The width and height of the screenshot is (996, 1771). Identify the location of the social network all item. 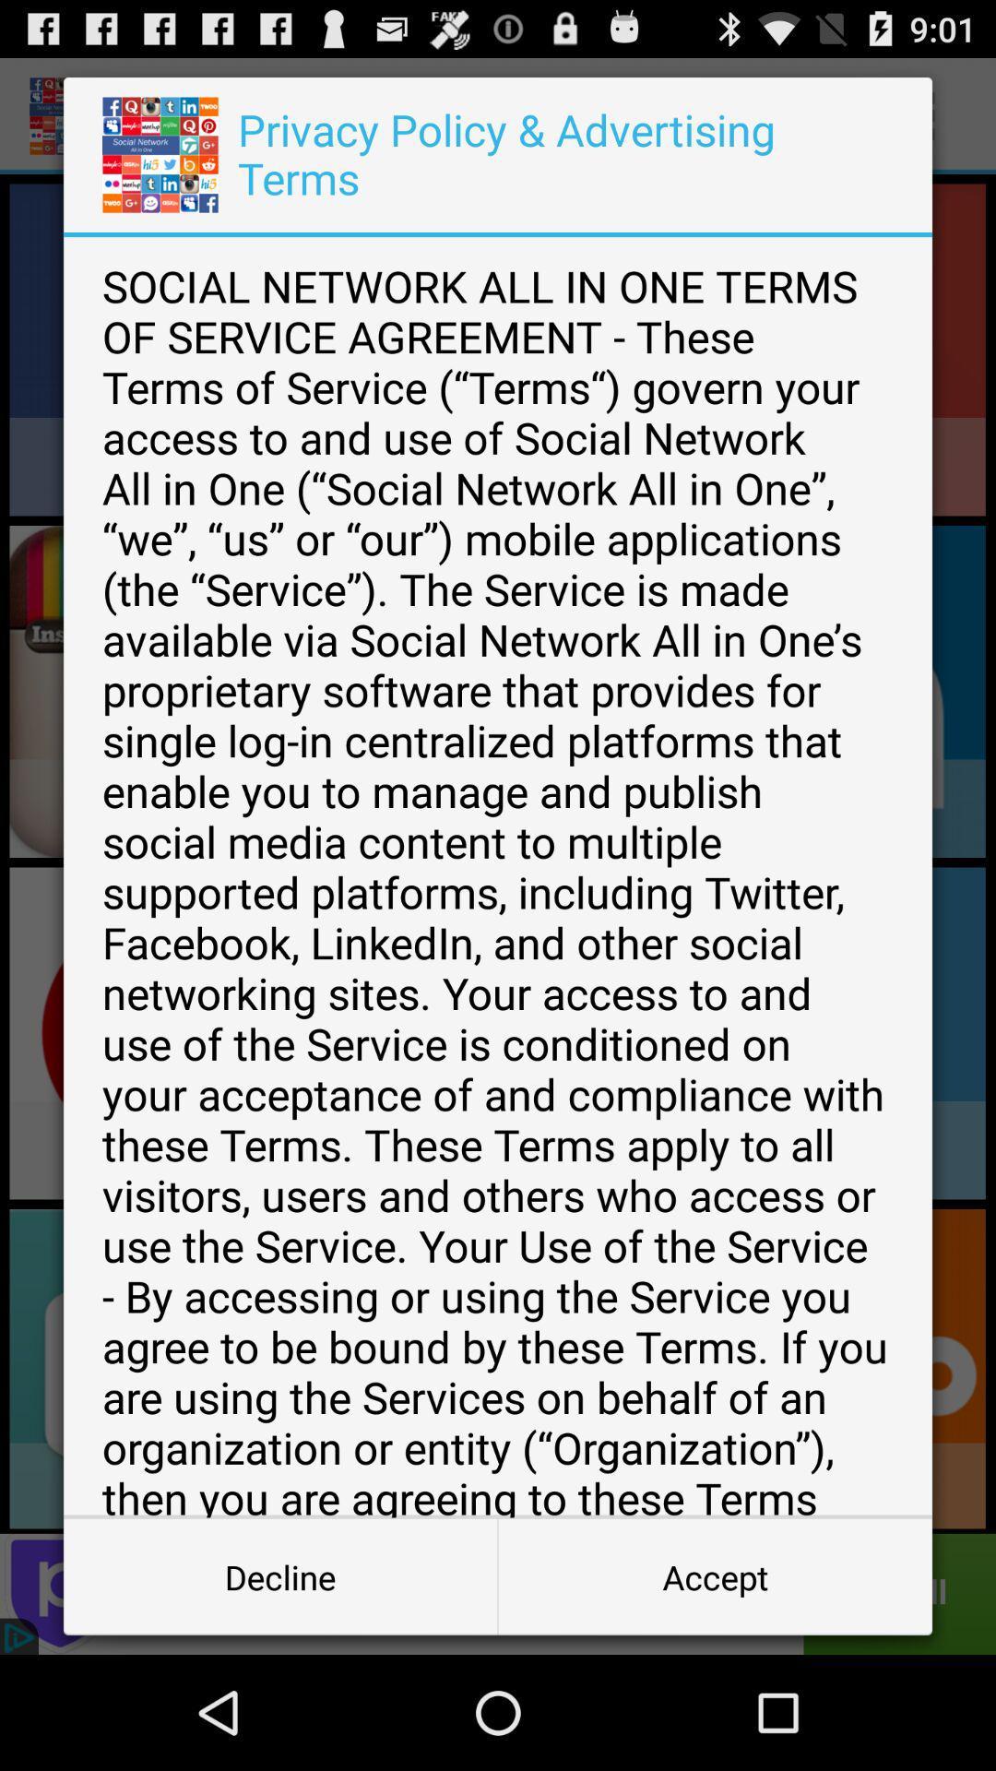
(498, 876).